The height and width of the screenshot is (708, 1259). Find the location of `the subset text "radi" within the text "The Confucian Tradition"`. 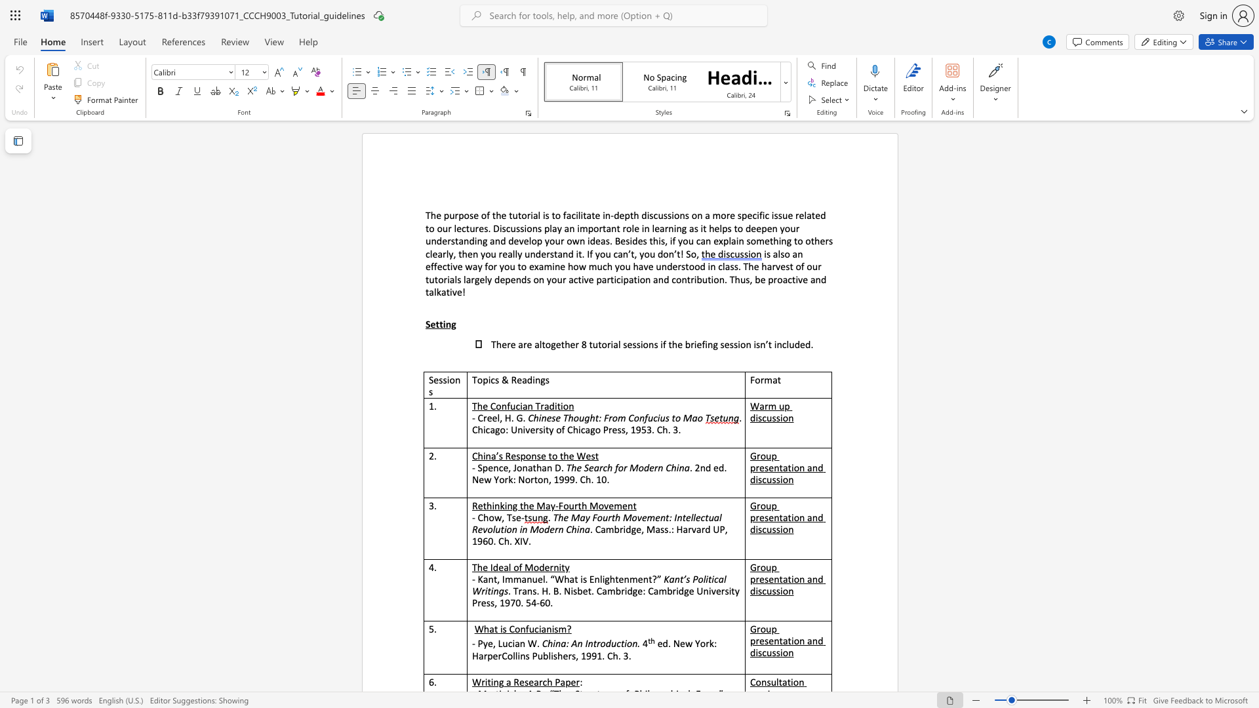

the subset text "radi" within the text "The Confucian Tradition" is located at coordinates (540, 405).